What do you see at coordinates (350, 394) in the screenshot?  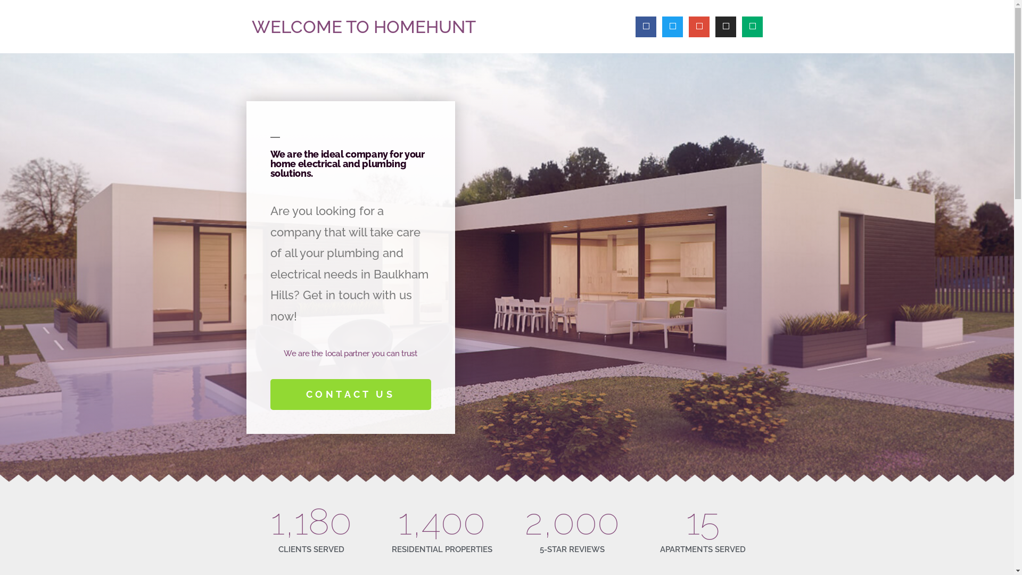 I see `'CONTACT US'` at bounding box center [350, 394].